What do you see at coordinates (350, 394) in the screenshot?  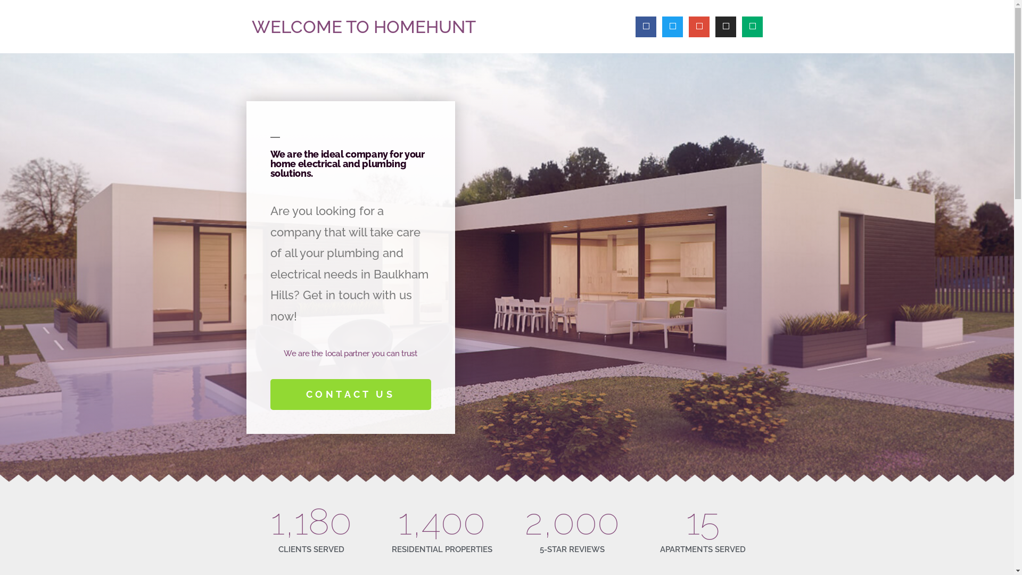 I see `'CONTACT US'` at bounding box center [350, 394].